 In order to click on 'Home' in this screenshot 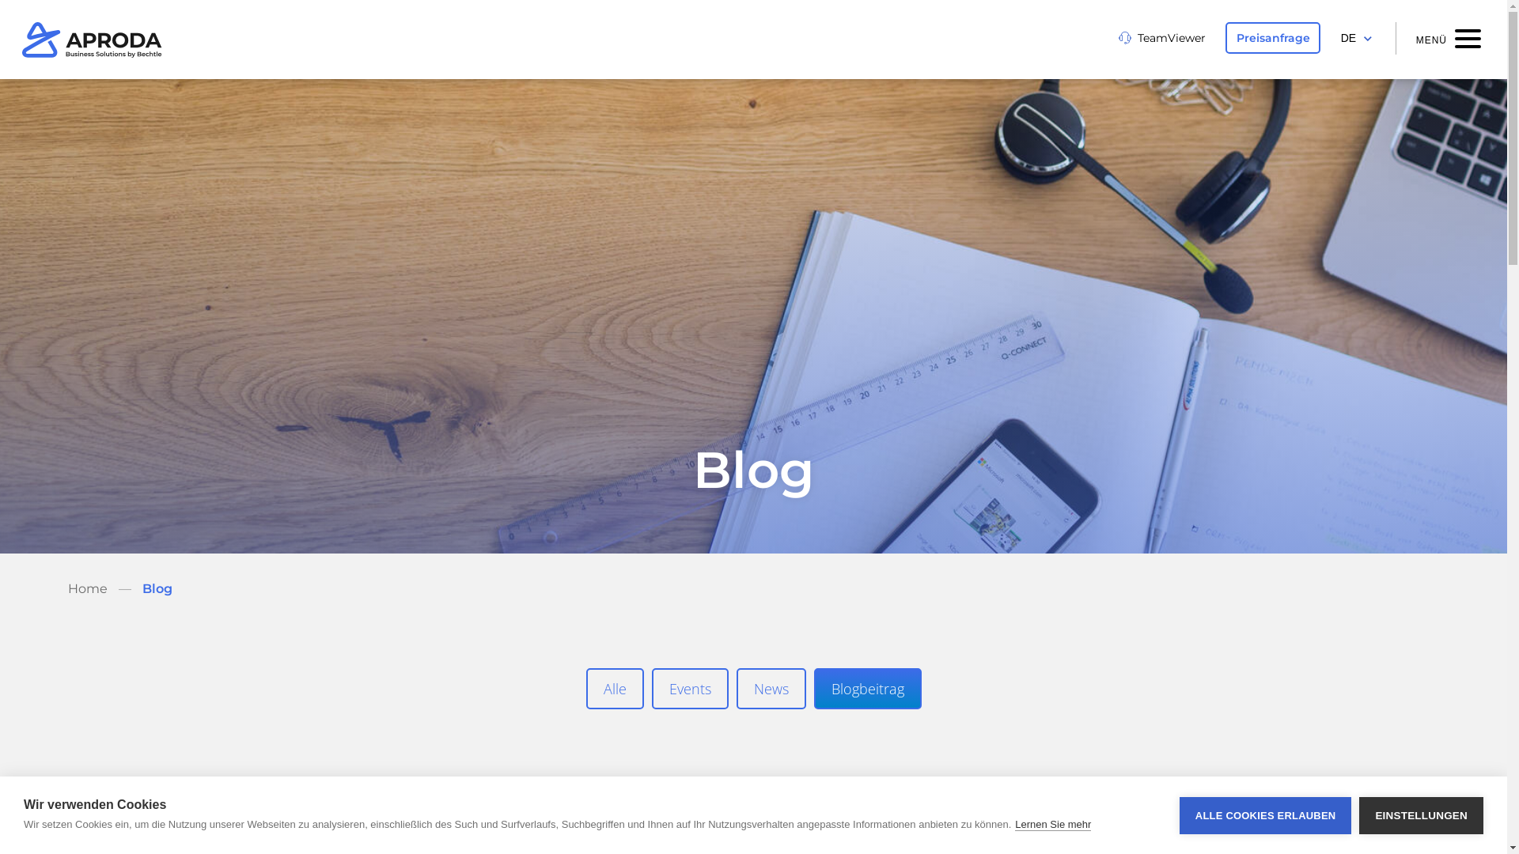, I will do `click(67, 588)`.